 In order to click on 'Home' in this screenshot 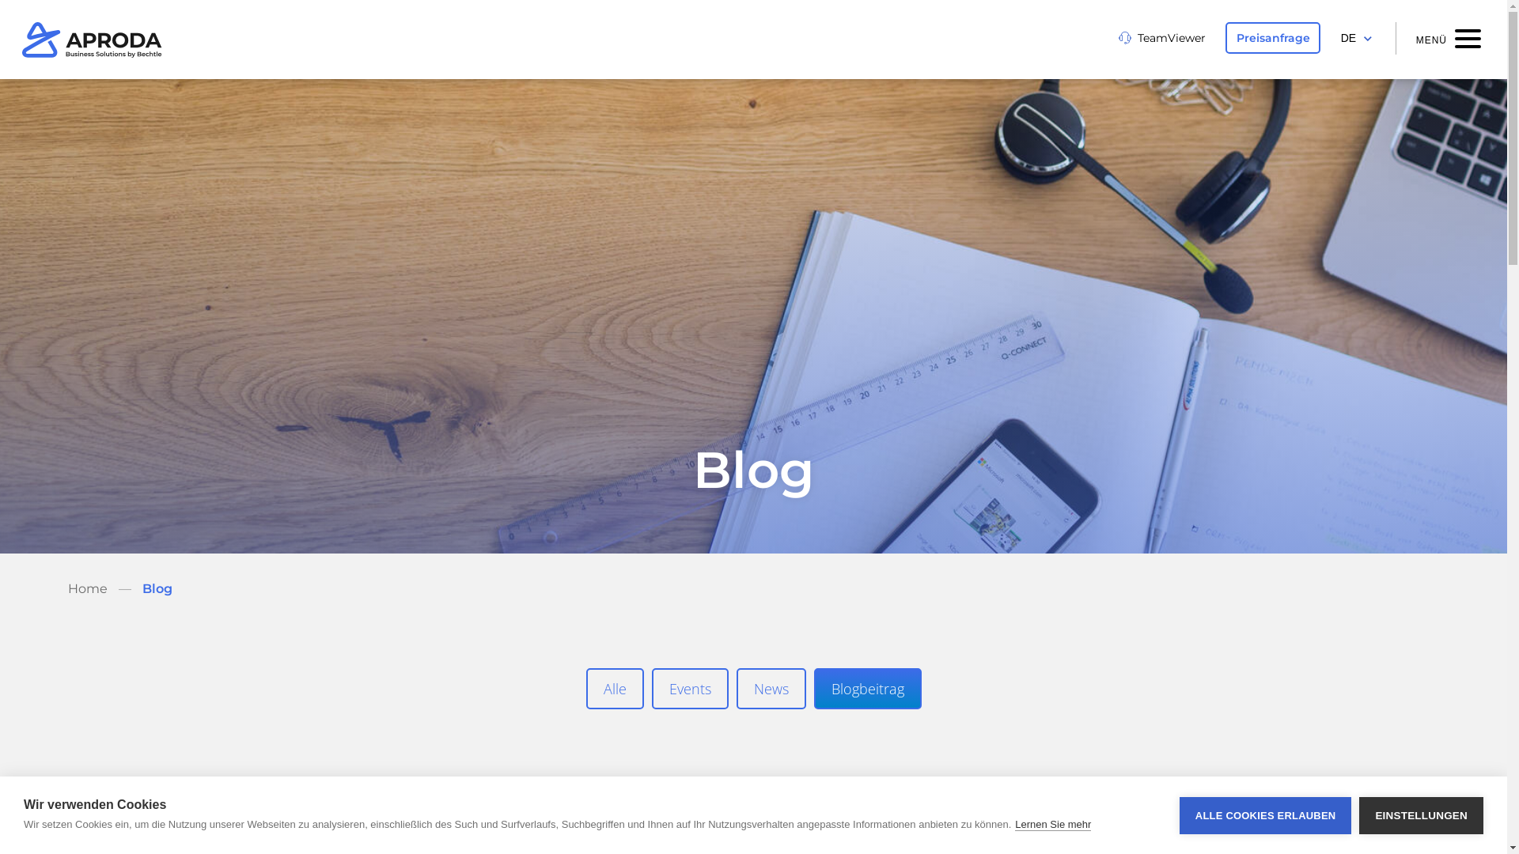, I will do `click(67, 588)`.